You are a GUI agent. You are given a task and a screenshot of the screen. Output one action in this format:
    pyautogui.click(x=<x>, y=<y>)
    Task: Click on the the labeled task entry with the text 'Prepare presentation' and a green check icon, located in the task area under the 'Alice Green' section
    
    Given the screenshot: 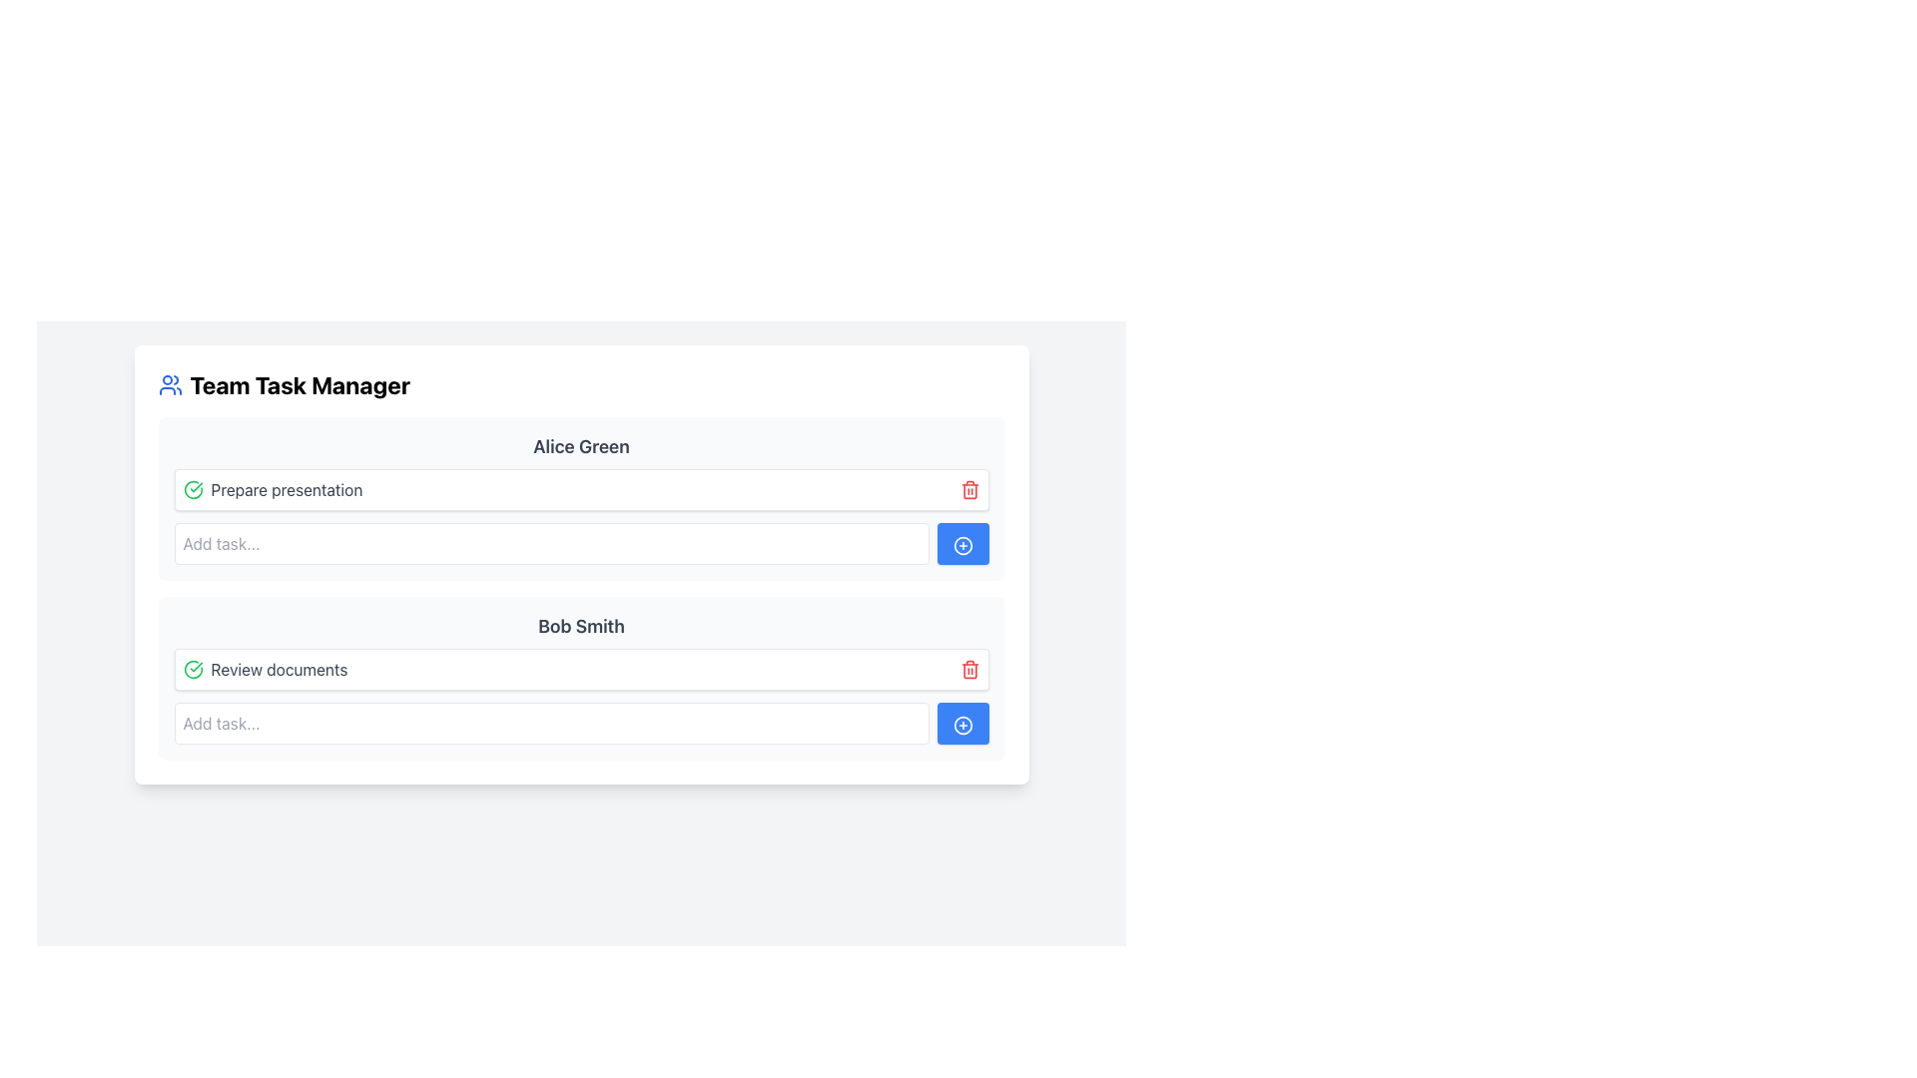 What is the action you would take?
    pyautogui.click(x=272, y=489)
    